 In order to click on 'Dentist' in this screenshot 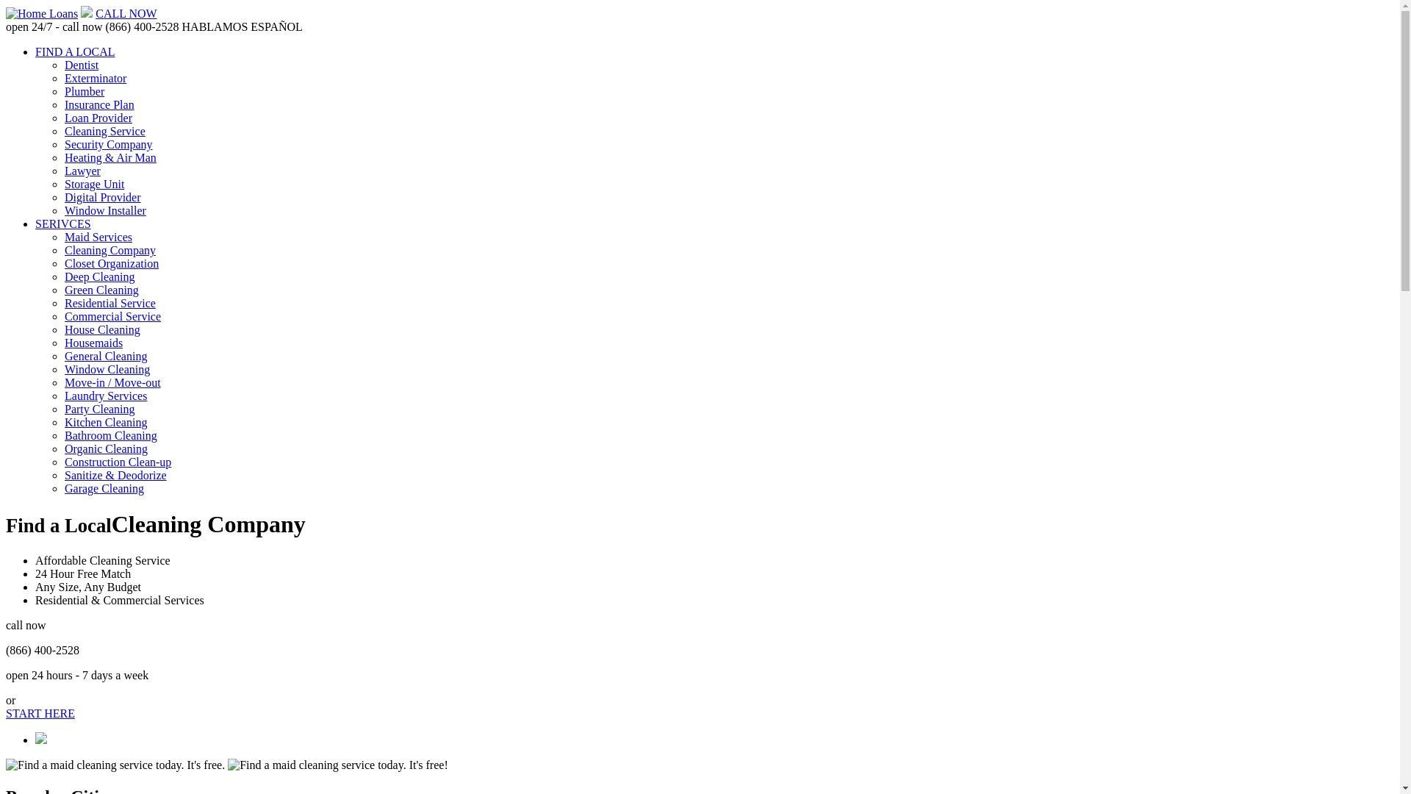, I will do `click(63, 64)`.